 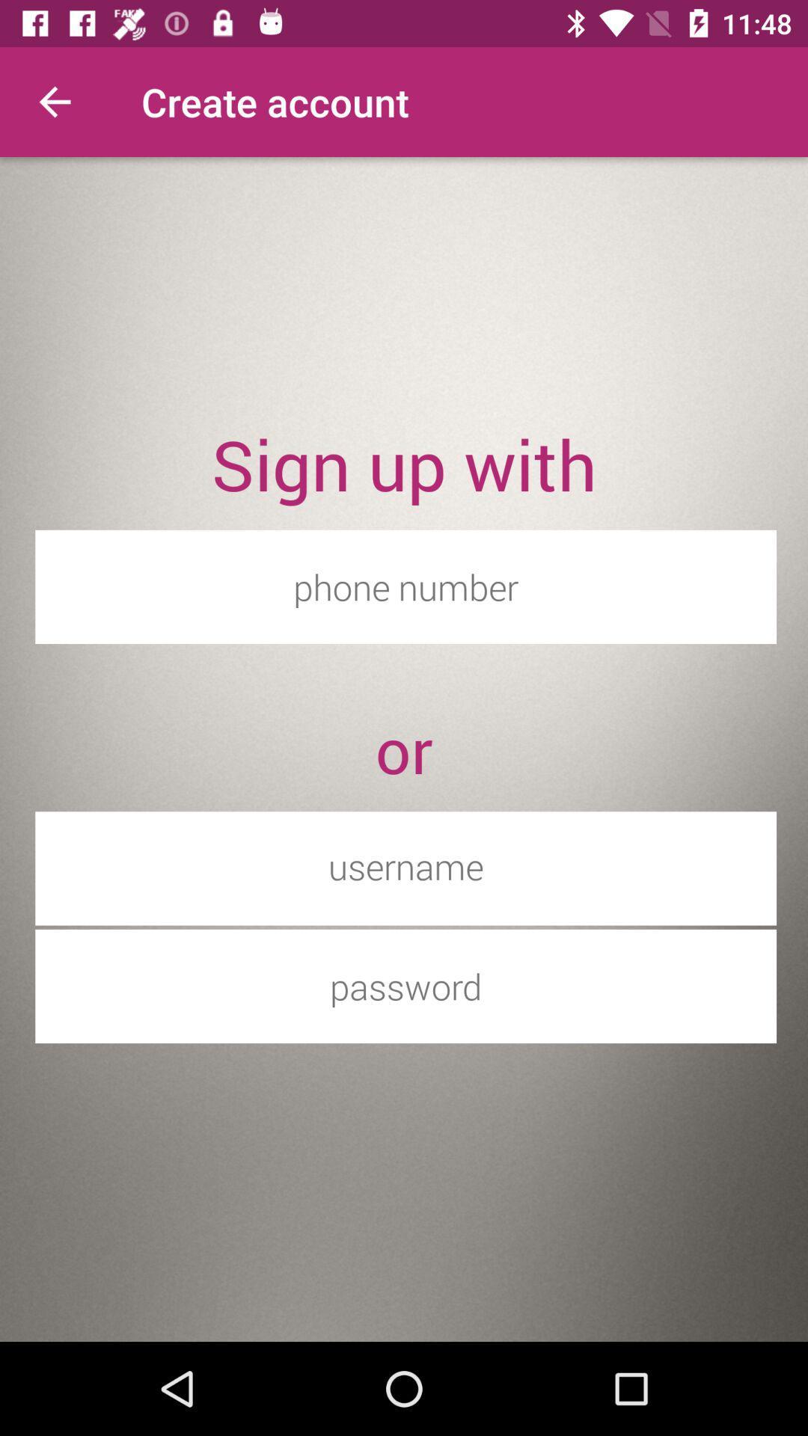 What do you see at coordinates (54, 101) in the screenshot?
I see `item to the left of create account icon` at bounding box center [54, 101].